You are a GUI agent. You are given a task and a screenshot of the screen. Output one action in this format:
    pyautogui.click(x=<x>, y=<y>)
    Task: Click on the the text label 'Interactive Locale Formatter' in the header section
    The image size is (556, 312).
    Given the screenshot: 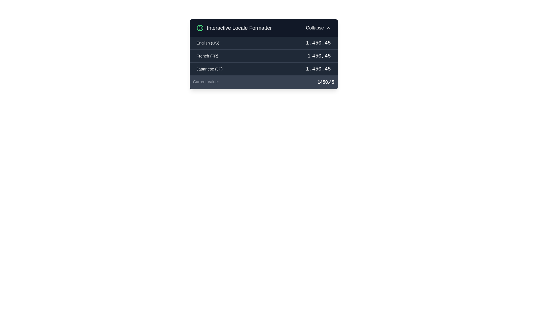 What is the action you would take?
    pyautogui.click(x=239, y=28)
    